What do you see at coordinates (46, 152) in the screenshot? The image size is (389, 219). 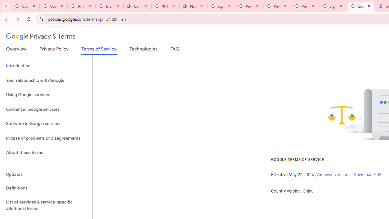 I see `'About these terms'` at bounding box center [46, 152].